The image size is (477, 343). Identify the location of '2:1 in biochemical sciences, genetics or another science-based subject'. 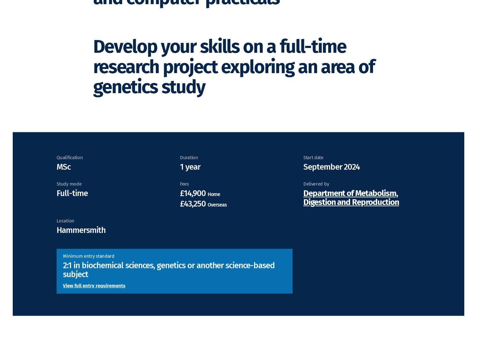
(63, 278).